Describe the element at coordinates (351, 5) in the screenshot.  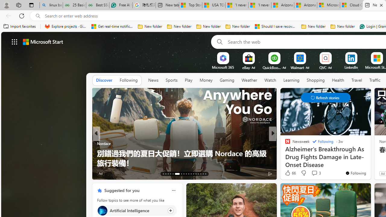
I see `'Cloud Computing Services | Microsoft Azure'` at that location.